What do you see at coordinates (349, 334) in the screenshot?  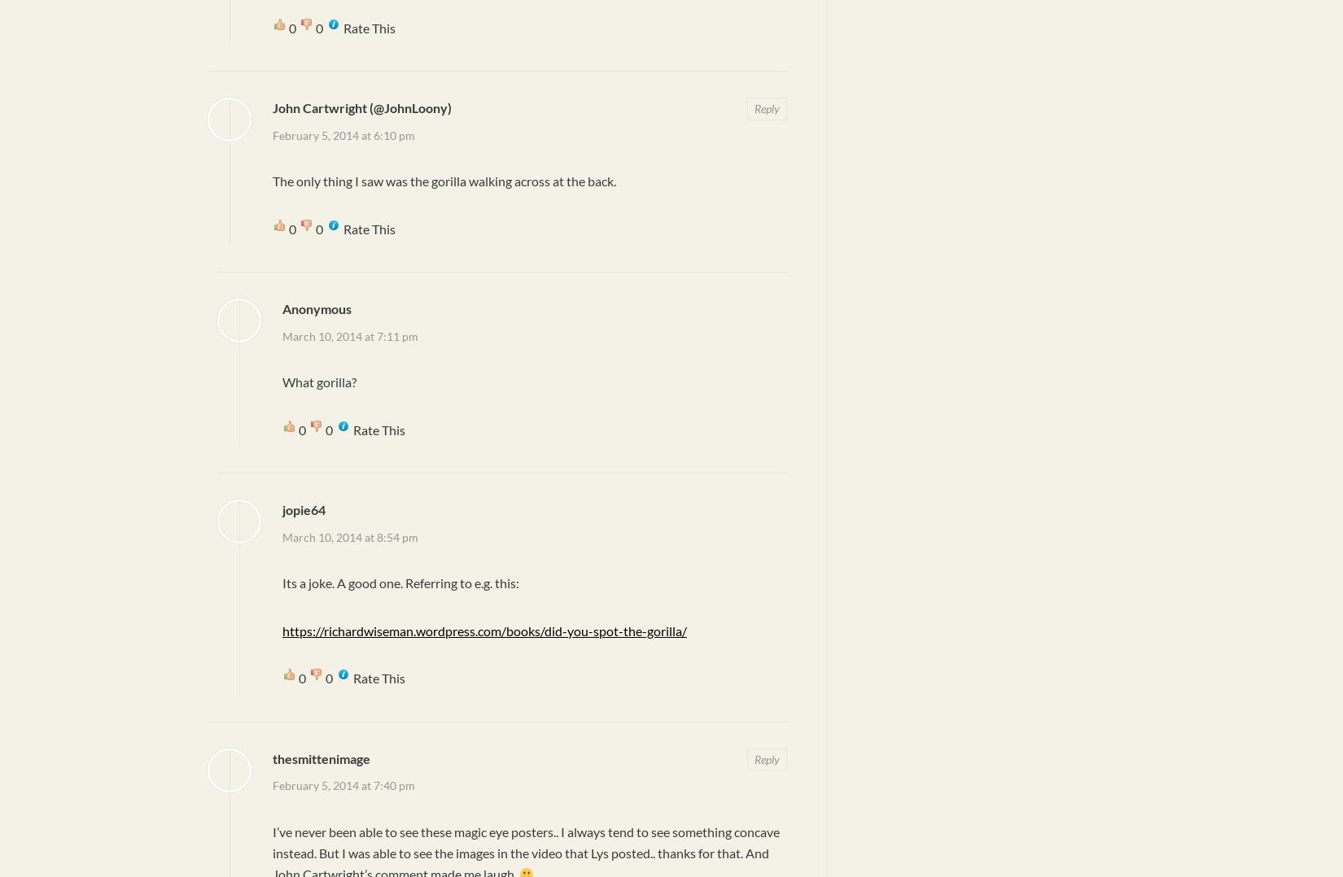 I see `'March 10, 2014 at 7:11 pm'` at bounding box center [349, 334].